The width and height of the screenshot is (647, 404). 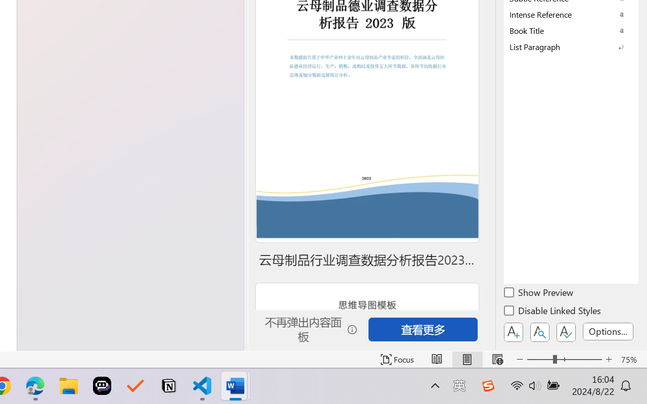 What do you see at coordinates (397, 359) in the screenshot?
I see `'Focus '` at bounding box center [397, 359].